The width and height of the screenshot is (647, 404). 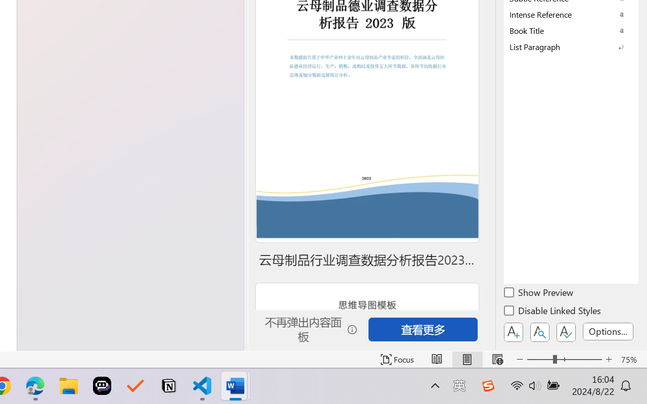 What do you see at coordinates (397, 359) in the screenshot?
I see `'Focus '` at bounding box center [397, 359].